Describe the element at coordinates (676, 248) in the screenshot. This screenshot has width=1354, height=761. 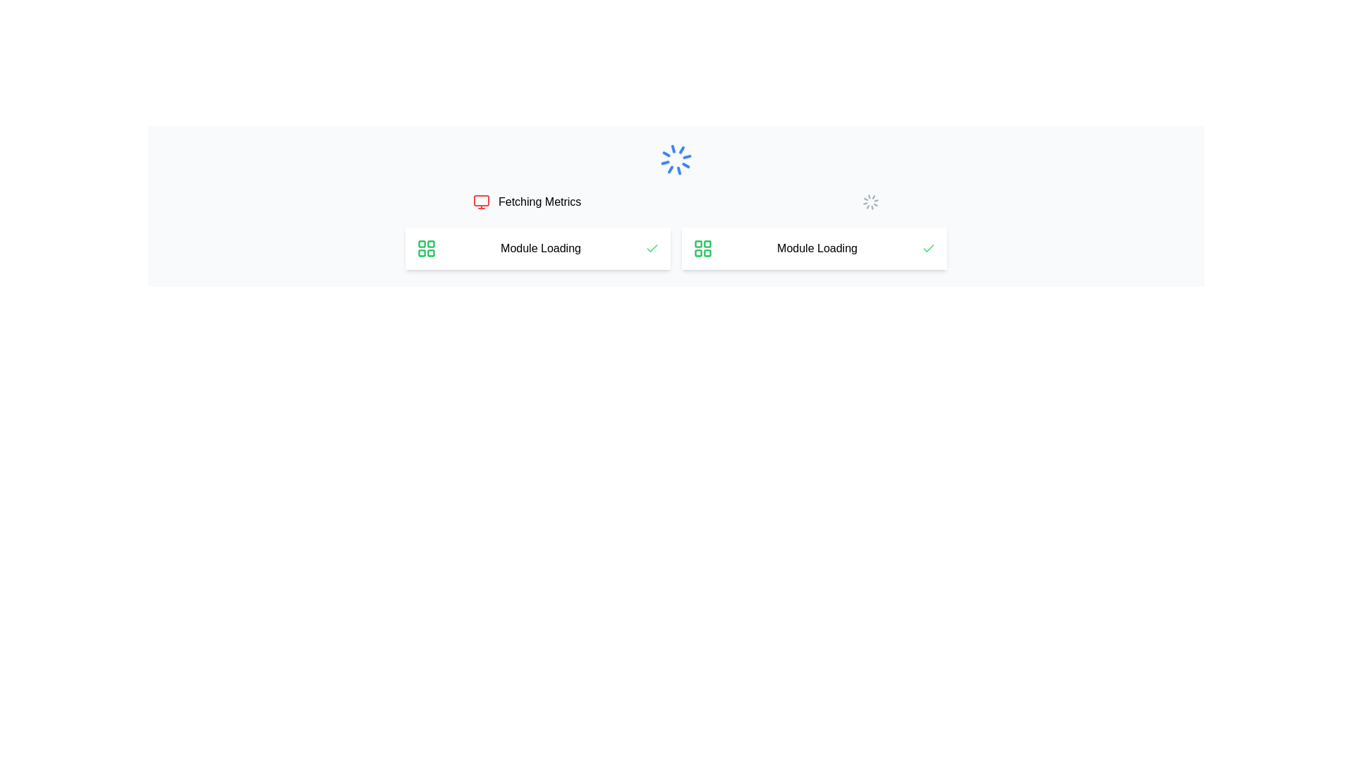
I see `composite informational display element showing module status labeled 'Module Loading' by hovering over it` at that location.